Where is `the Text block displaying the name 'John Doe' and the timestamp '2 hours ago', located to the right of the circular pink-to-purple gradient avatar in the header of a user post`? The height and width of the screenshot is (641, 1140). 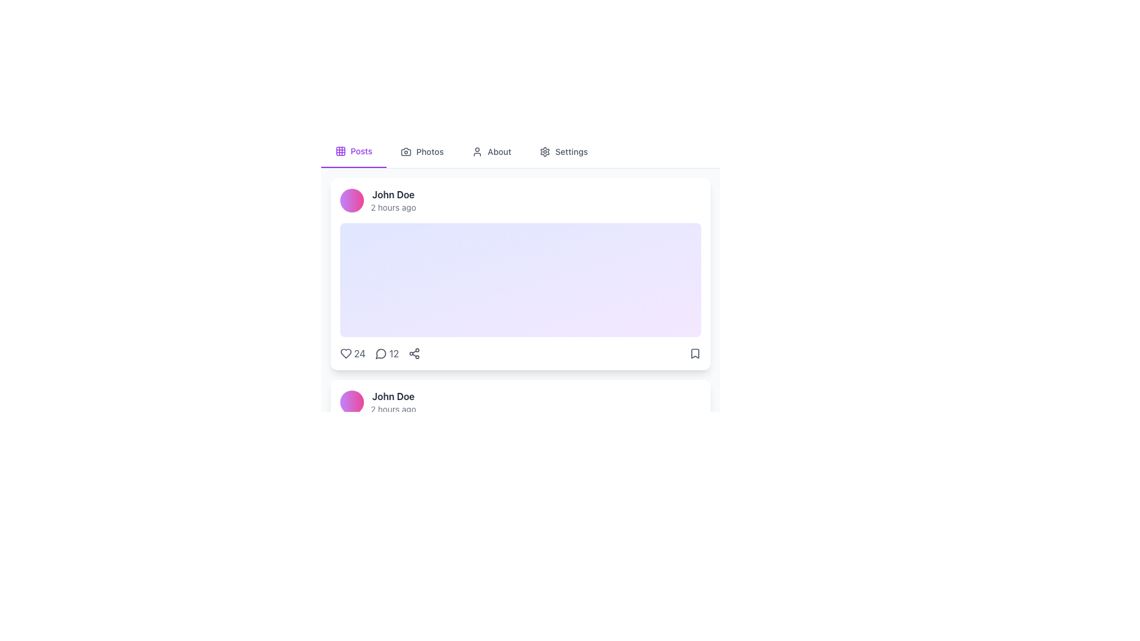 the Text block displaying the name 'John Doe' and the timestamp '2 hours ago', located to the right of the circular pink-to-purple gradient avatar in the header of a user post is located at coordinates (393, 402).